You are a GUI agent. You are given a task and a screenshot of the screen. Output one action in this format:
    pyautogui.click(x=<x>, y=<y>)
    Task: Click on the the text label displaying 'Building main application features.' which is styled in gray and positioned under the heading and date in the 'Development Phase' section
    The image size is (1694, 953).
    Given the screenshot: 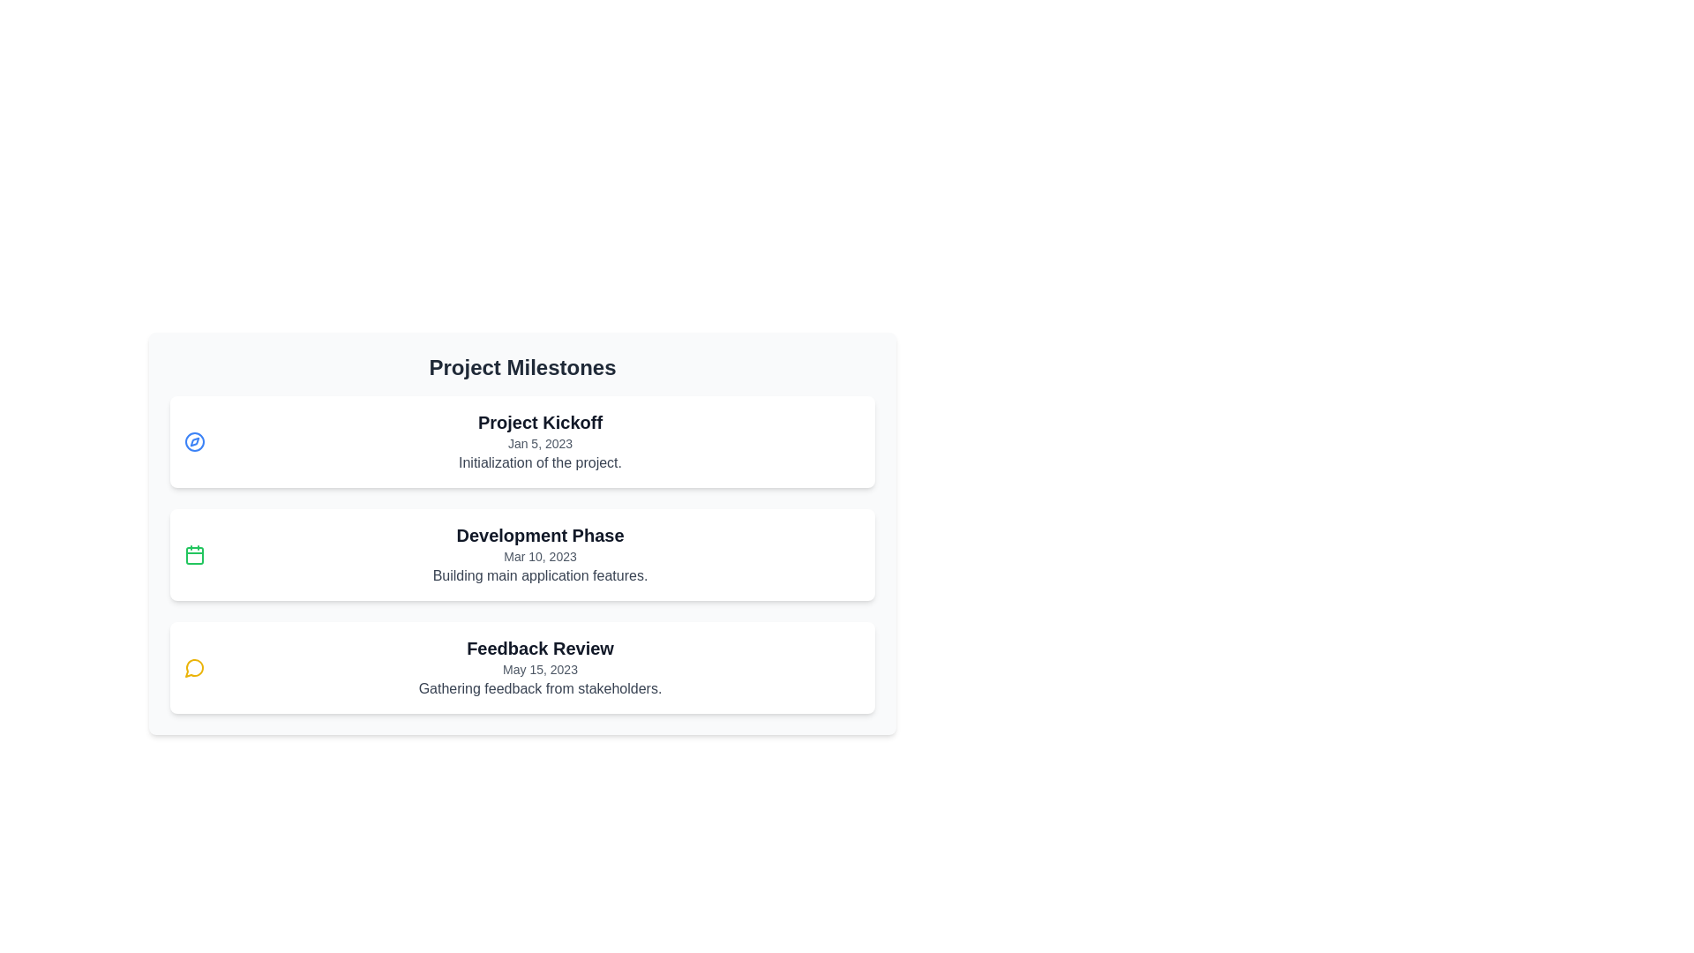 What is the action you would take?
    pyautogui.click(x=539, y=575)
    